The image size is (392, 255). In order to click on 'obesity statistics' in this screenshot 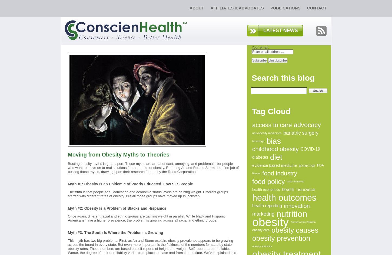, I will do `click(262, 246)`.